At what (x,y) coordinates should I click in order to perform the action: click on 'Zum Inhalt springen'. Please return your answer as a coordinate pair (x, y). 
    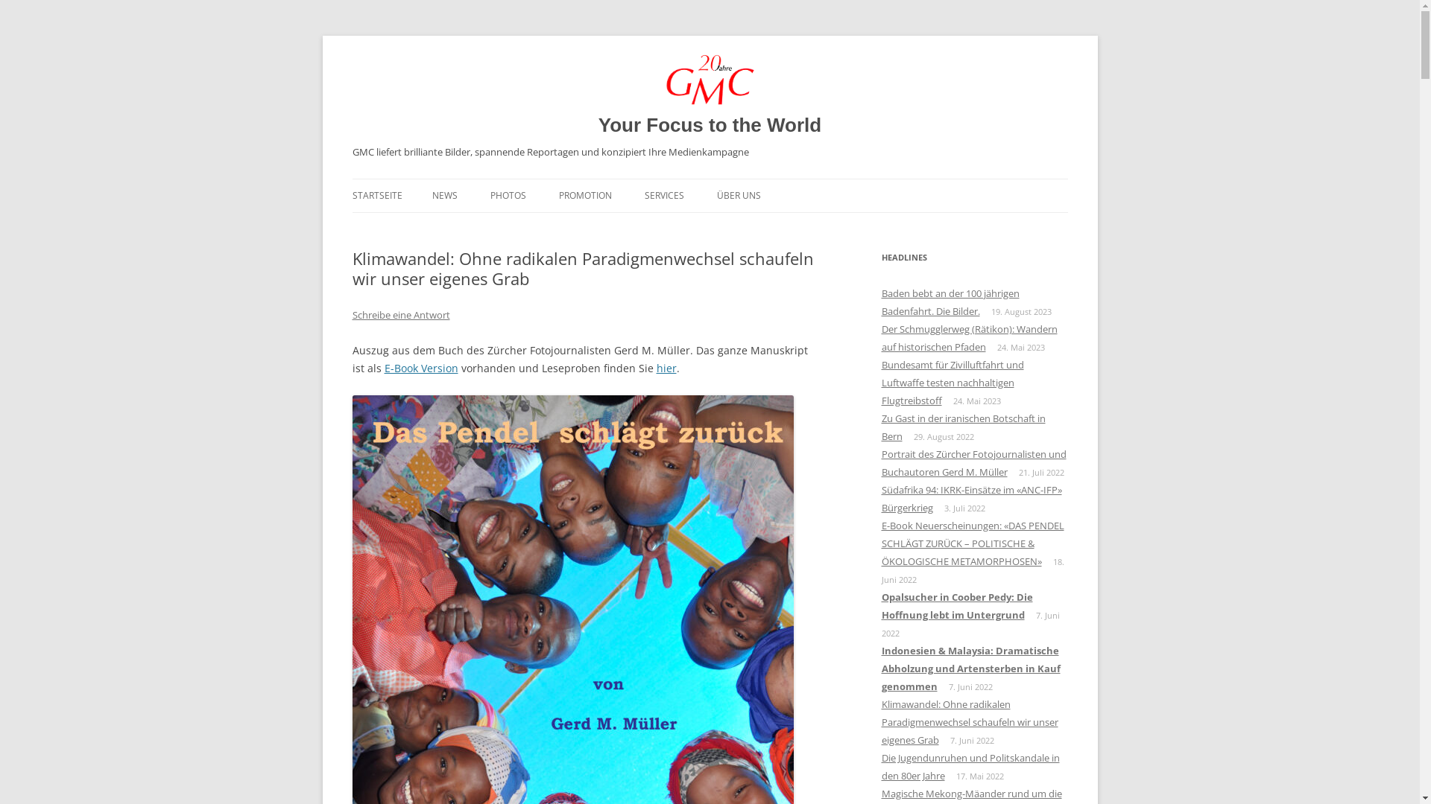
    Looking at the image, I should click on (709, 178).